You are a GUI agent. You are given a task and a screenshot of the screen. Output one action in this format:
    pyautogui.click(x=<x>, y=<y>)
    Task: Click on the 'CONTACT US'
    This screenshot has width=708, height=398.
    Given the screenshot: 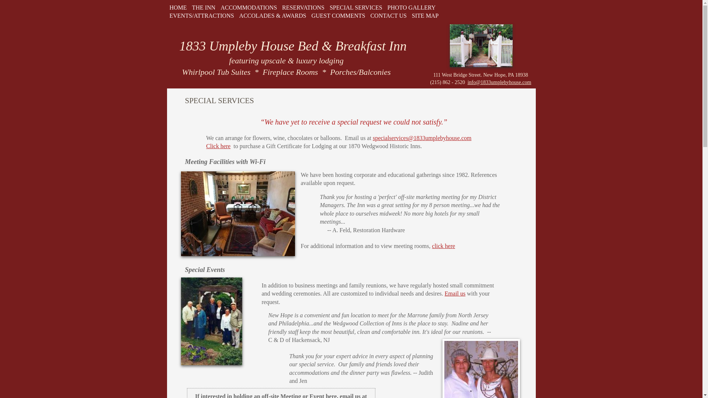 What is the action you would take?
    pyautogui.click(x=388, y=15)
    